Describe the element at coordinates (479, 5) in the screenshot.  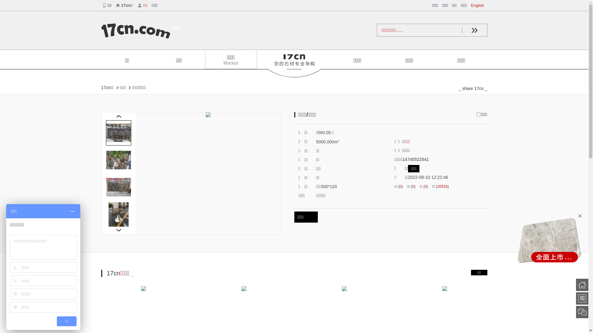
I see `'English'` at that location.